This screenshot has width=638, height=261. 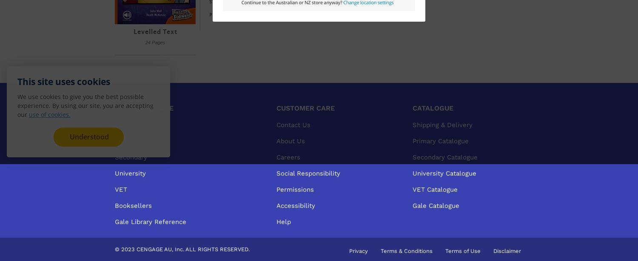 I want to click on 'Contact Us', so click(x=293, y=124).